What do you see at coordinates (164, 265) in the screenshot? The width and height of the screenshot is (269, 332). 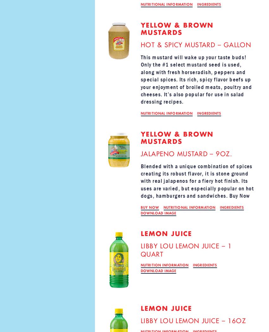 I see `'NUTRITION INFORMATION'` at bounding box center [164, 265].